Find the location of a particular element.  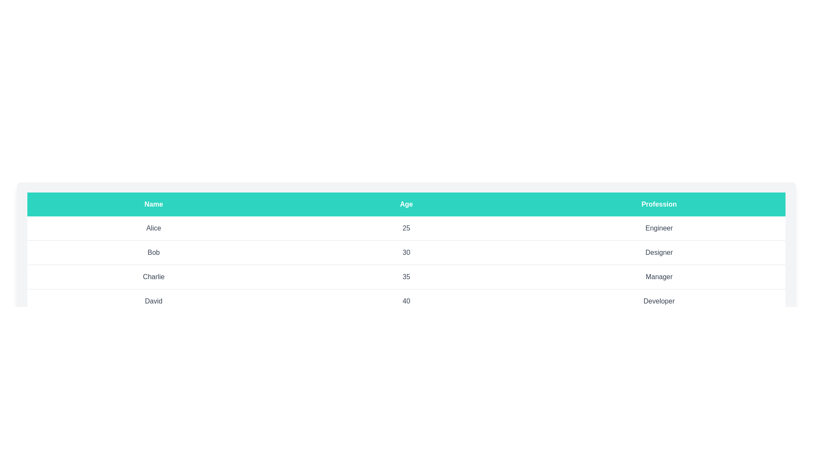

the 'Engineer' text label, which is bold and dark gray, located in the right-most column under the 'Profession' heading, aligned with the entry for 'Alice' is located at coordinates (659, 228).